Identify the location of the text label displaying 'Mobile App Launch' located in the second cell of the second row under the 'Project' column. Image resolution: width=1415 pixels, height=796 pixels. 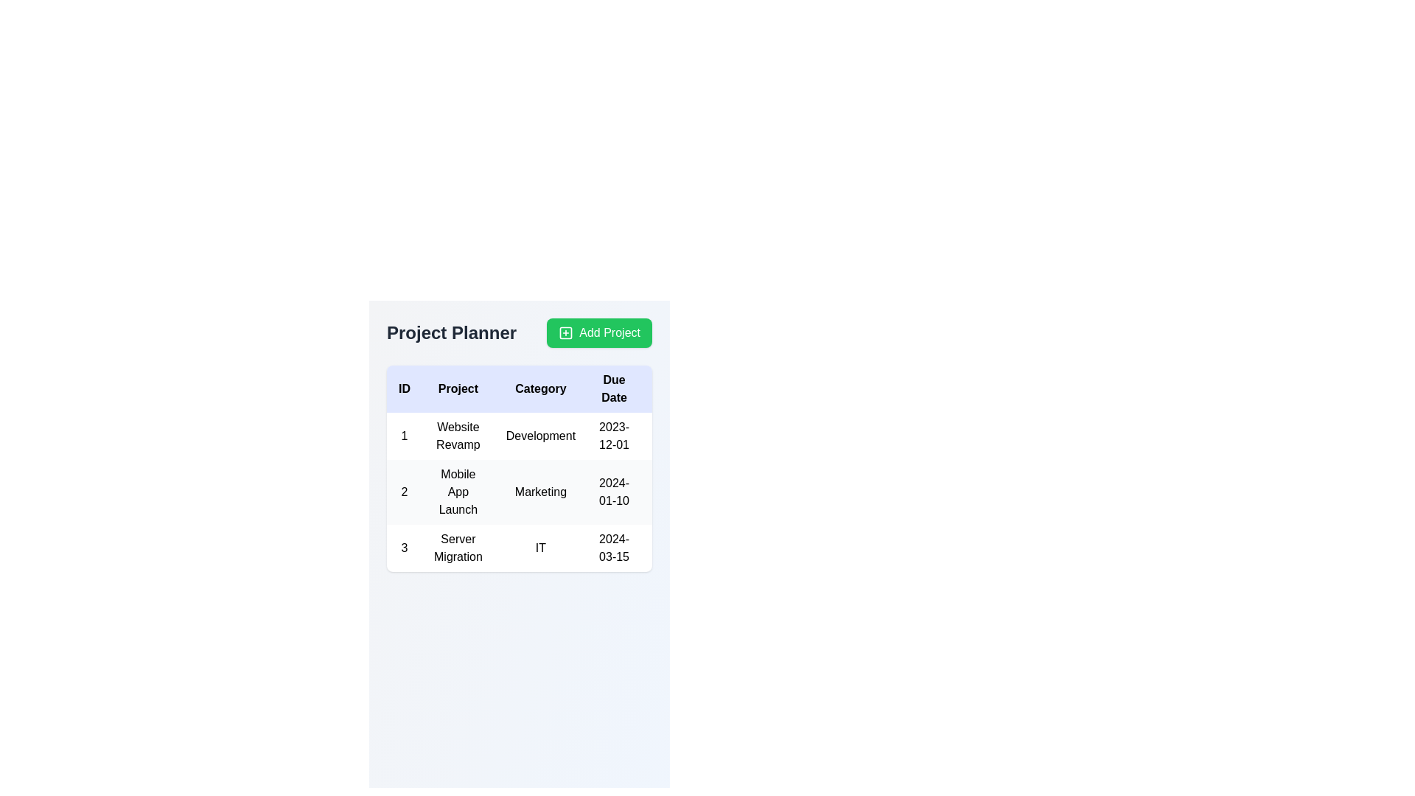
(457, 492).